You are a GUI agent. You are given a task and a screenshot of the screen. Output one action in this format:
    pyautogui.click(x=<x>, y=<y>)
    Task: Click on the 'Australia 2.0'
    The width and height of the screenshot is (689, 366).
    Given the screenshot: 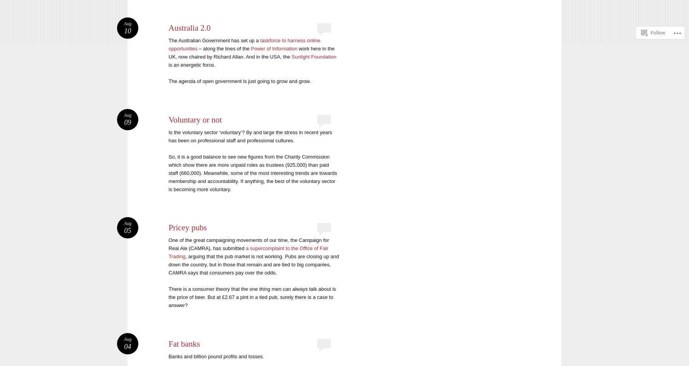 What is the action you would take?
    pyautogui.click(x=169, y=28)
    